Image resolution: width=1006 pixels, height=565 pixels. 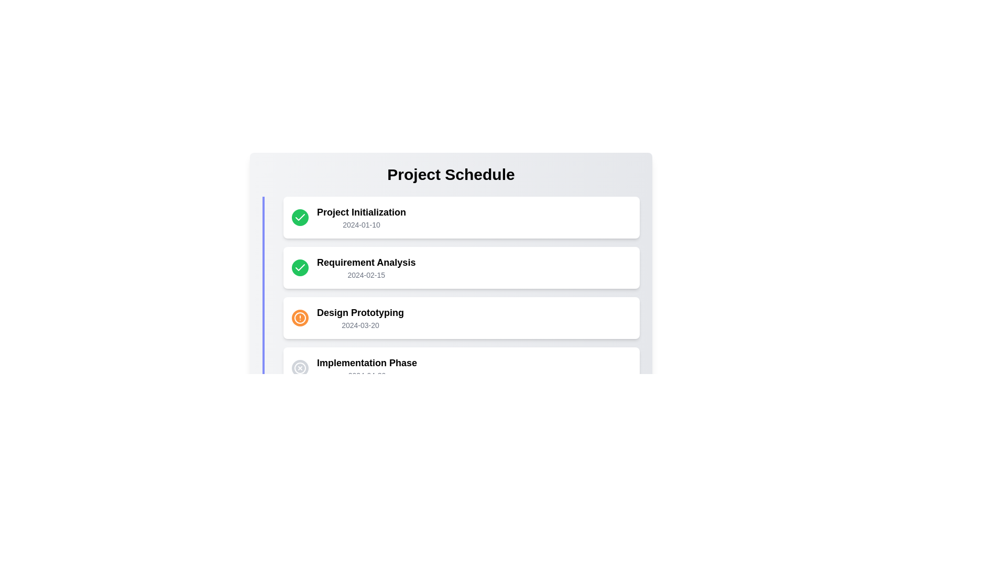 What do you see at coordinates (362, 224) in the screenshot?
I see `the static text element that displays the date associated with the 'Project Initialization' phase, located directly below the 'Project Initialization' text in the leftmost phase box of the 'Project Schedule' interface` at bounding box center [362, 224].